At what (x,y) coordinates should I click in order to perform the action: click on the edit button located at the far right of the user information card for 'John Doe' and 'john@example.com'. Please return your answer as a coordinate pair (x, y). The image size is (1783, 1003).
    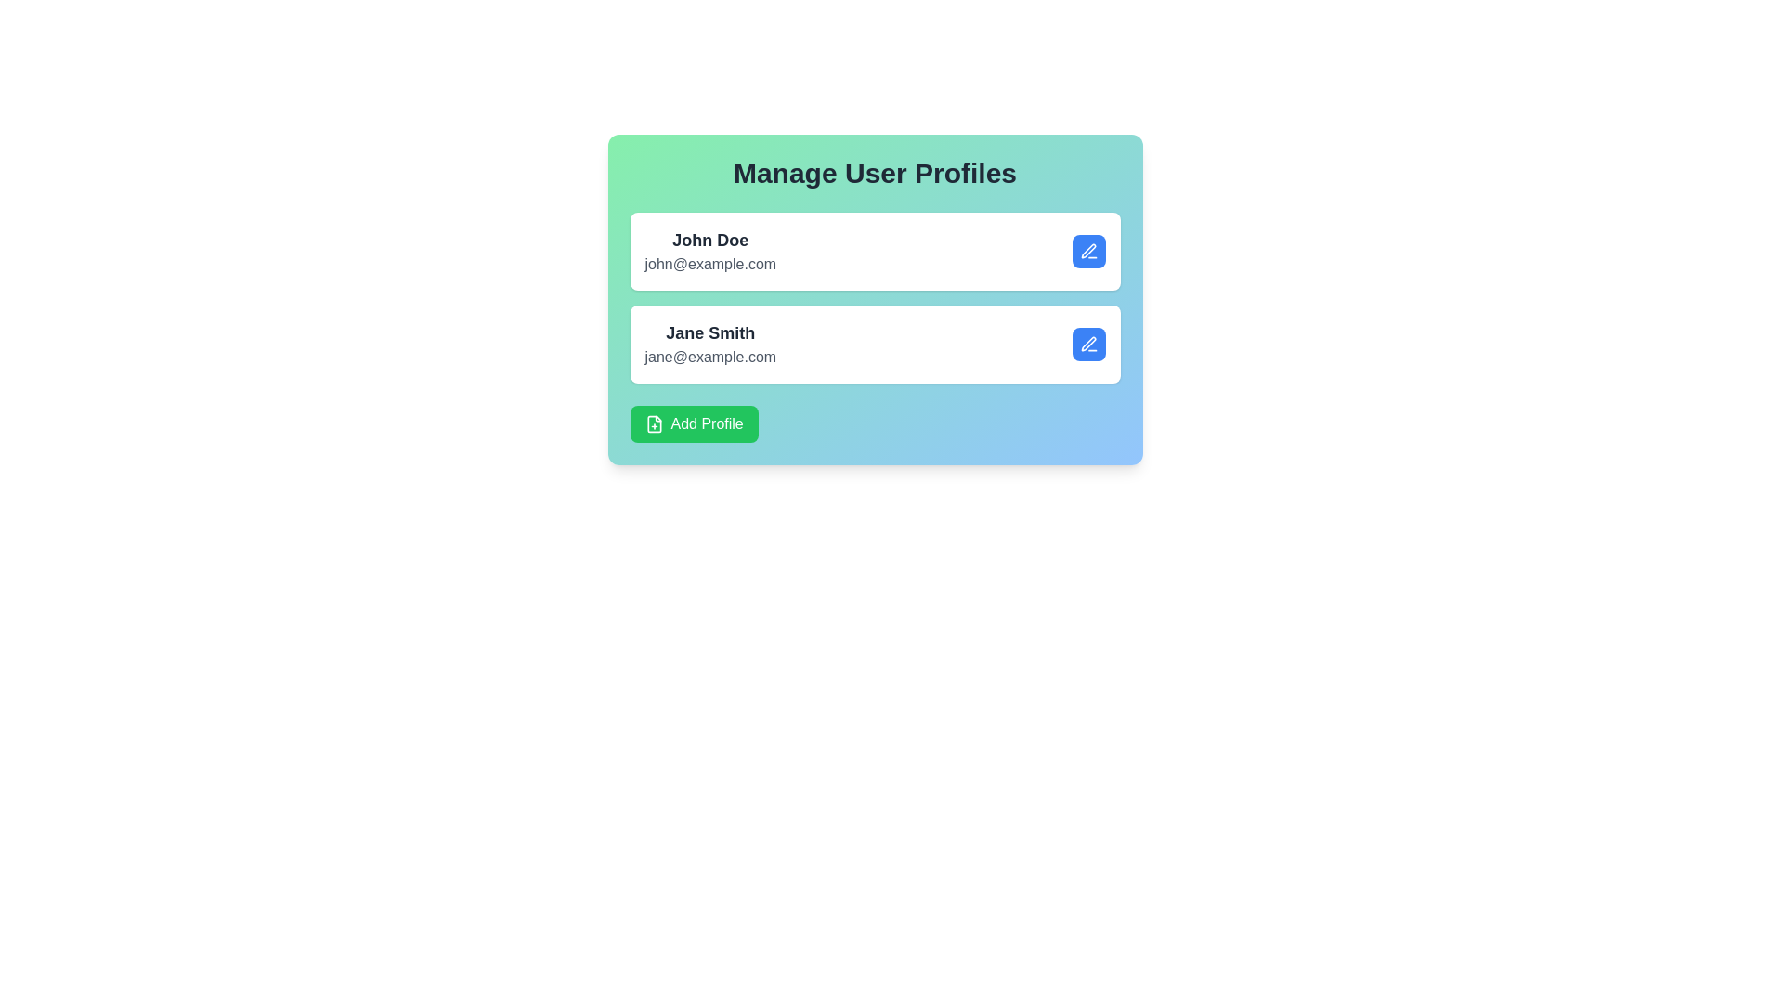
    Looking at the image, I should click on (1088, 251).